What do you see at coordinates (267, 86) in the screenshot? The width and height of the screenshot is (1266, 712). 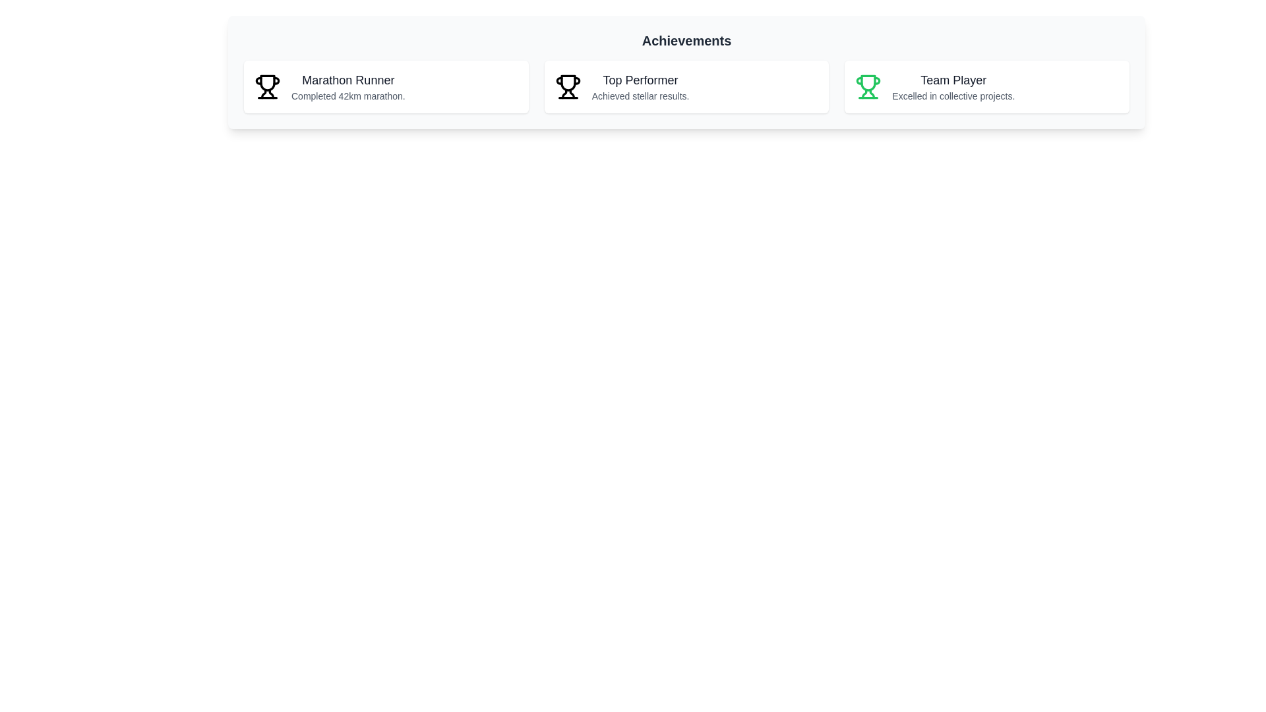 I see `the decorative award icon located in the leftmost panel, positioned directly to the left of the accompanying text elements` at bounding box center [267, 86].